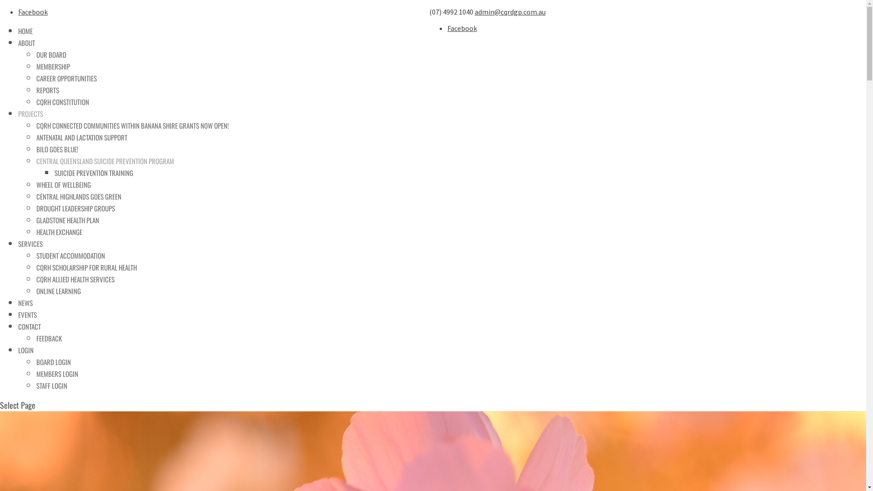 The height and width of the screenshot is (491, 873). Describe the element at coordinates (36, 231) in the screenshot. I see `'HEALTH EXCHANGE'` at that location.